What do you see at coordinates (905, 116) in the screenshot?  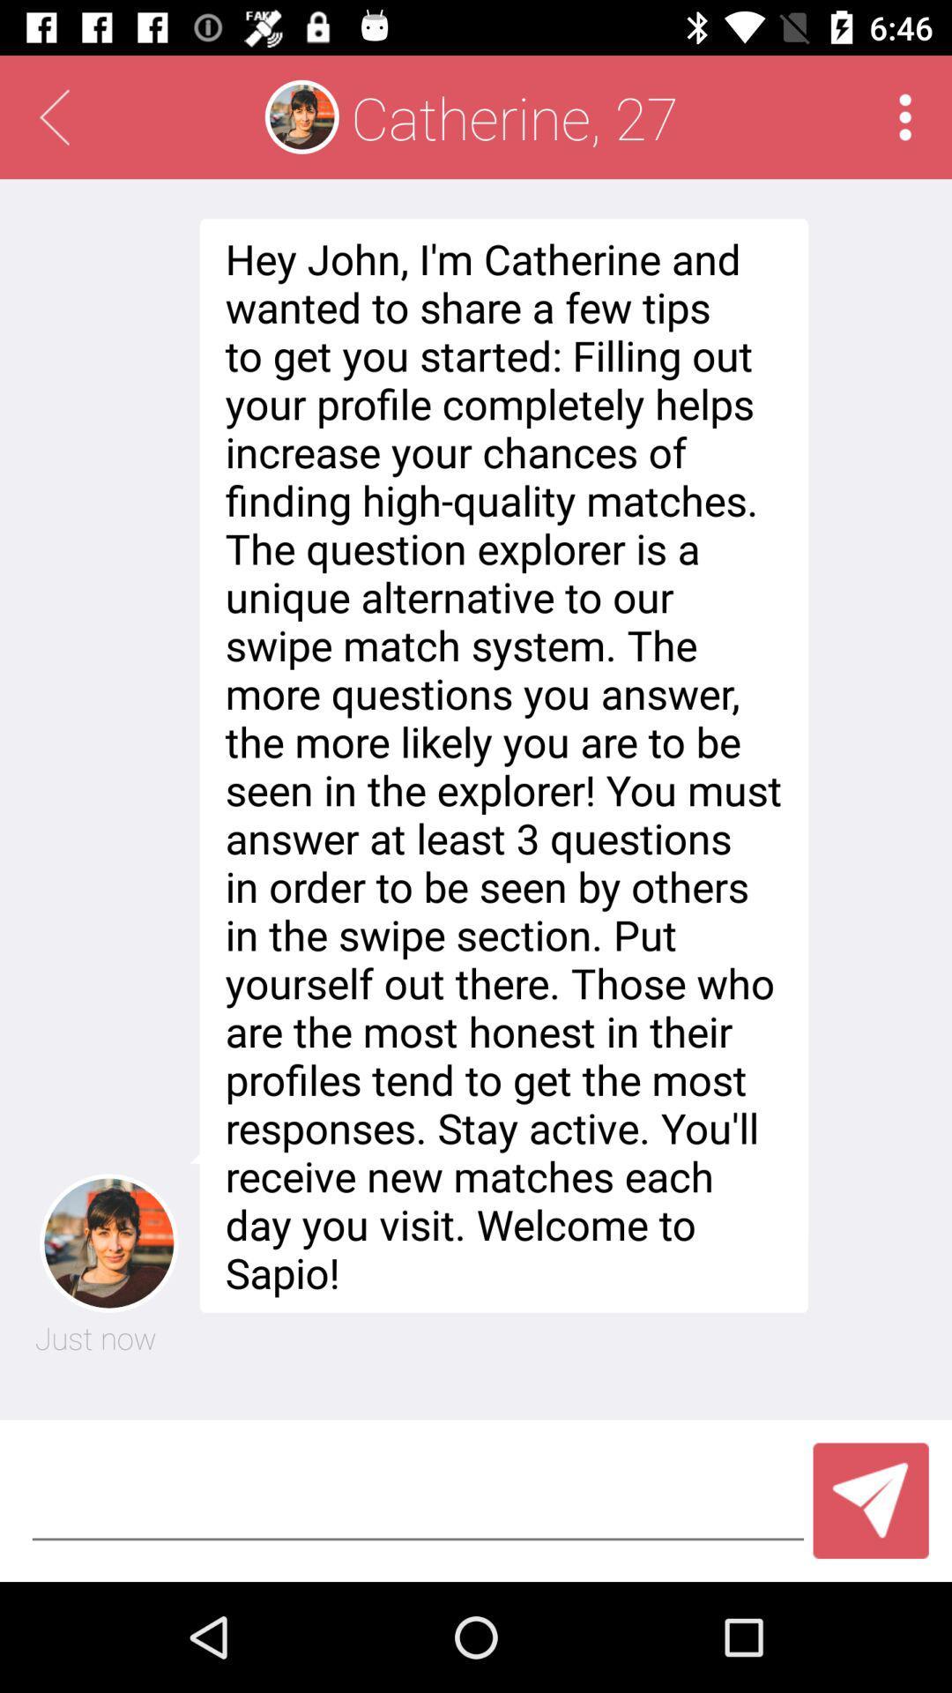 I see `menu` at bounding box center [905, 116].